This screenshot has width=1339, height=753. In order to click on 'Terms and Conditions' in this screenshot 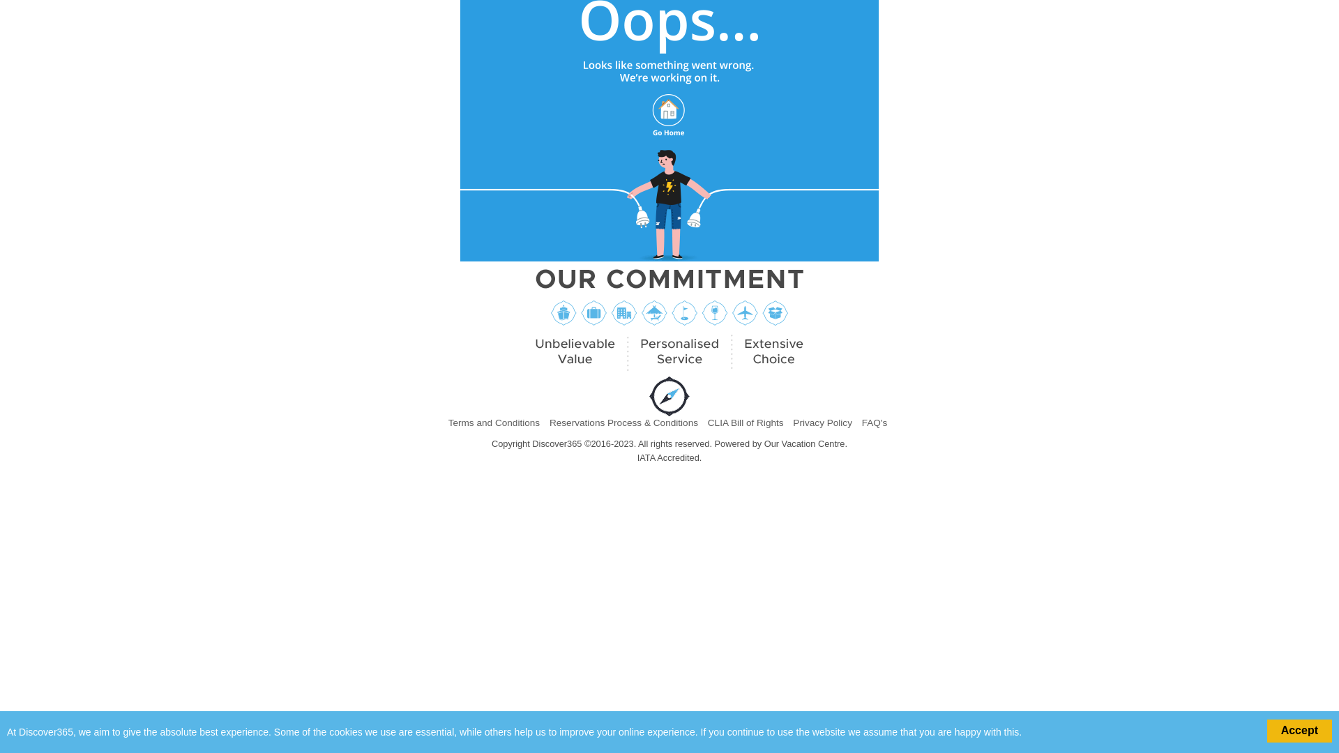, I will do `click(494, 422)`.